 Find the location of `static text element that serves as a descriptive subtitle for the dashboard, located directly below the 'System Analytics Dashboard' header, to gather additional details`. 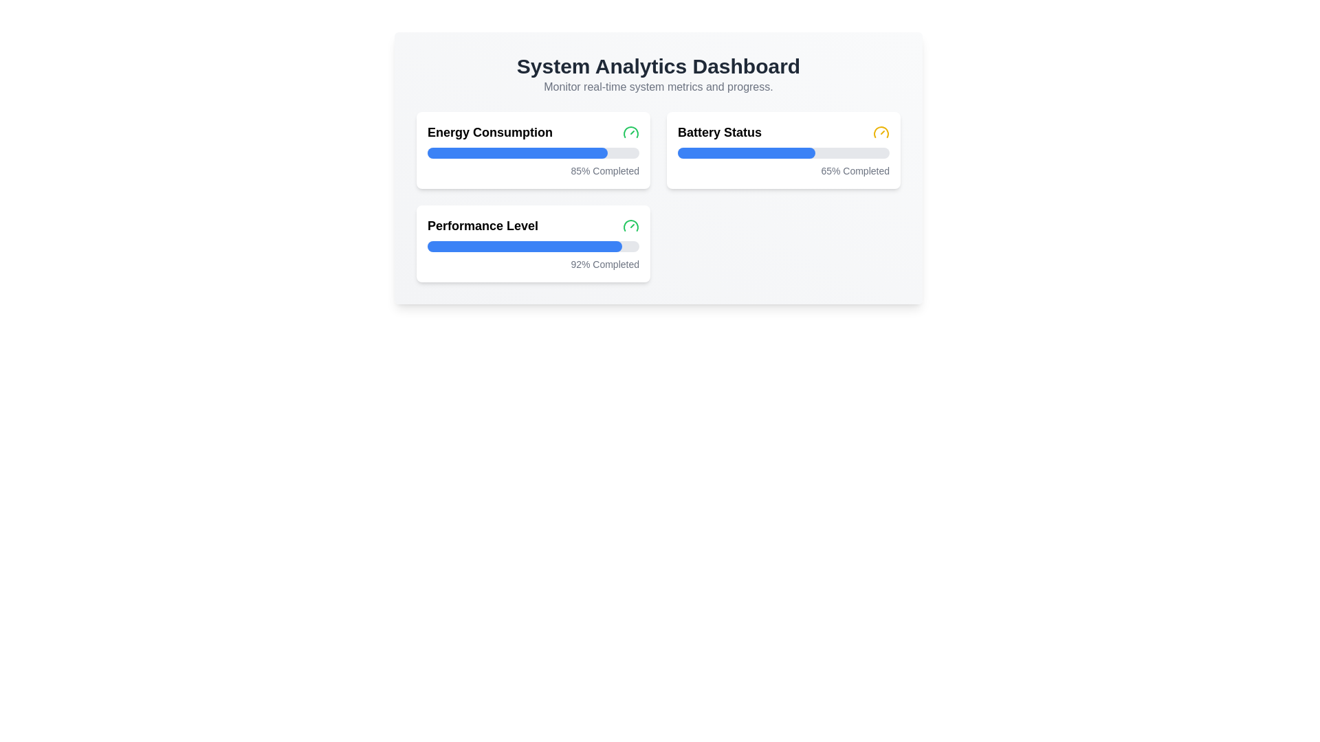

static text element that serves as a descriptive subtitle for the dashboard, located directly below the 'System Analytics Dashboard' header, to gather additional details is located at coordinates (658, 87).